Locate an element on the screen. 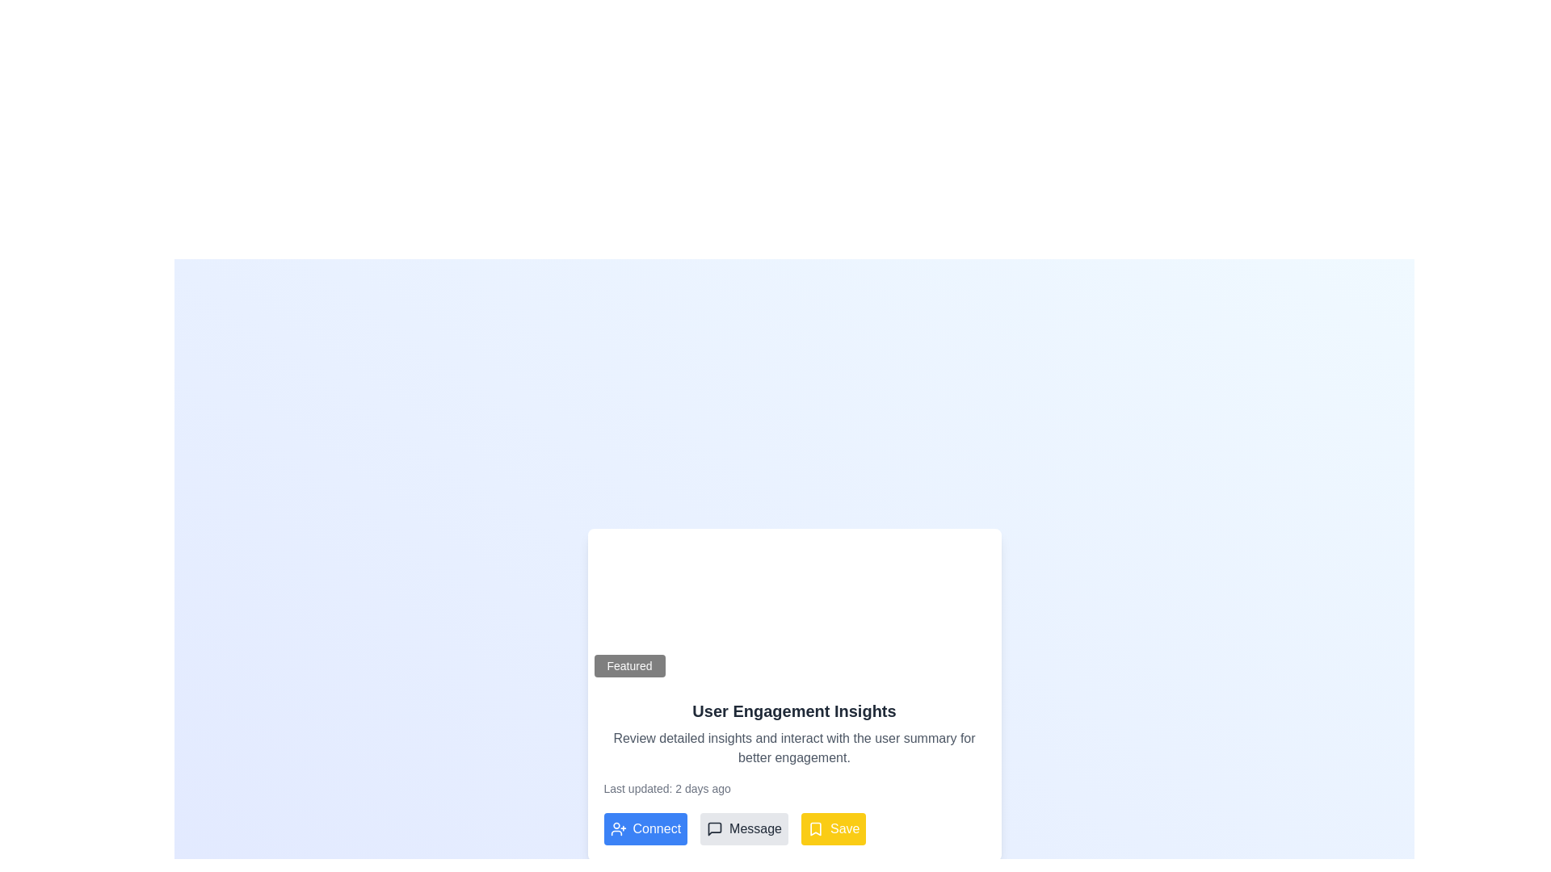 This screenshot has width=1551, height=872. the text label that contains the message 'Review detailed insights and interact with the user summary for better engagement.' located below the title 'User Engagement Insights' is located at coordinates (794, 748).